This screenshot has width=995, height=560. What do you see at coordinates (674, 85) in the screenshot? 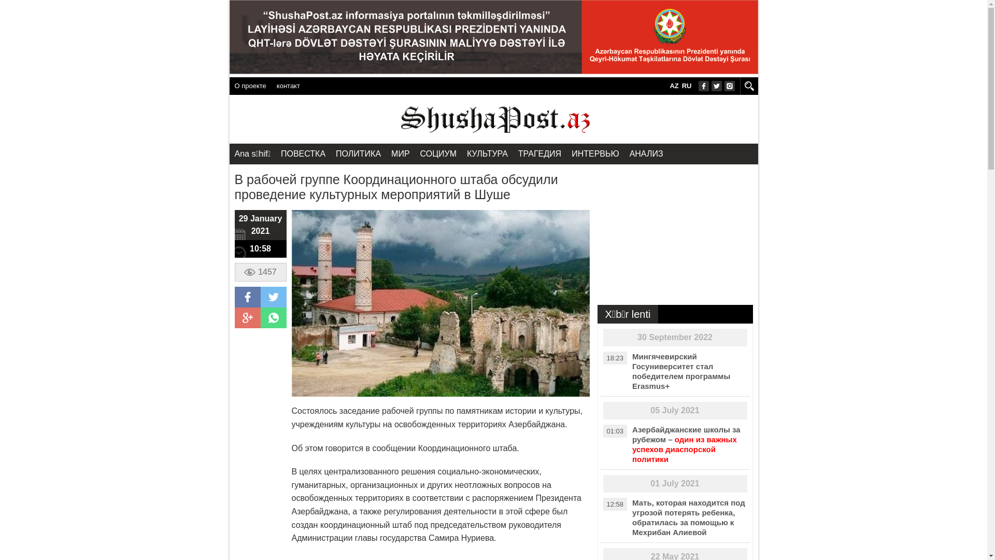
I see `'AZ'` at bounding box center [674, 85].